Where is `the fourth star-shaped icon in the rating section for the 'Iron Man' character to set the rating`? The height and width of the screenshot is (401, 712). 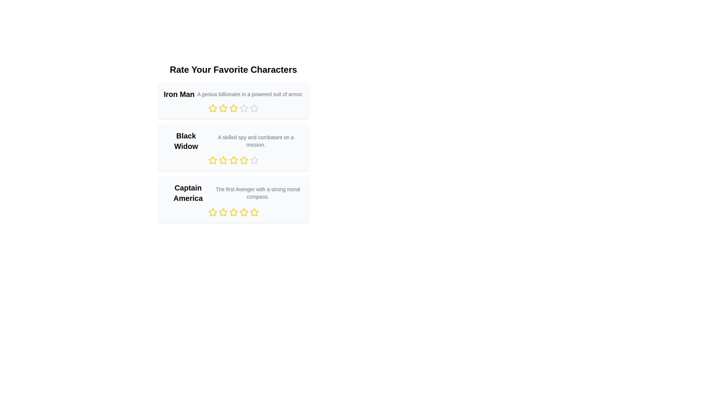 the fourth star-shaped icon in the rating section for the 'Iron Man' character to set the rating is located at coordinates (244, 108).